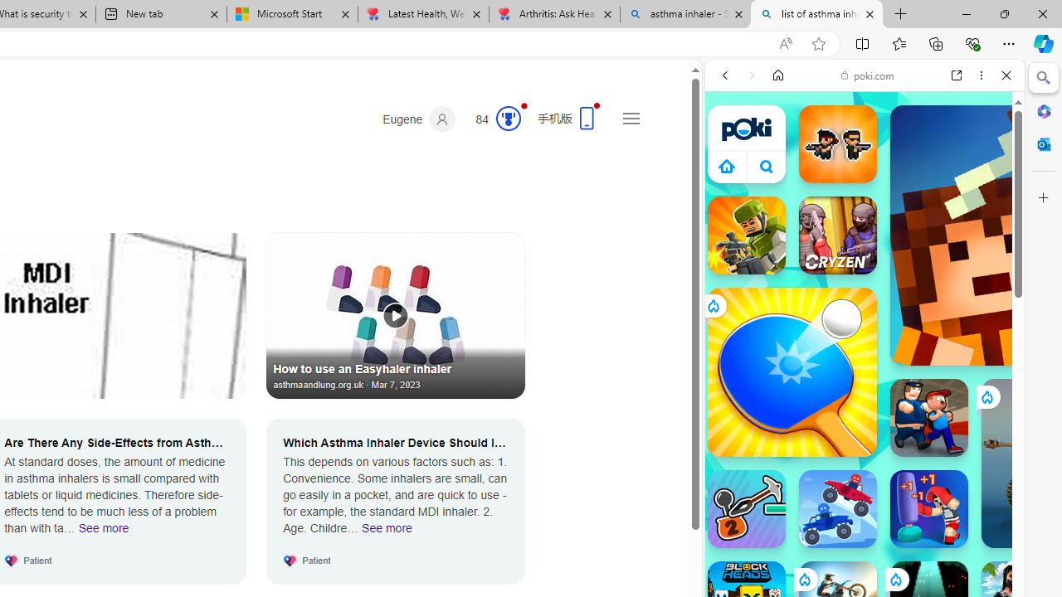 The height and width of the screenshot is (597, 1062). Describe the element at coordinates (745, 235) in the screenshot. I see `'Kour.io Kour.io'` at that location.